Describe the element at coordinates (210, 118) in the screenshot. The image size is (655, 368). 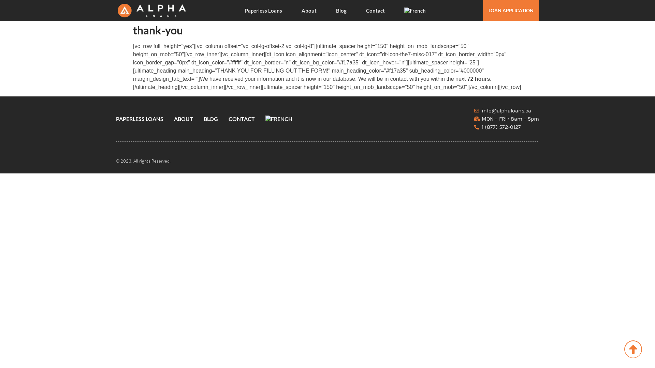
I see `'BLOG'` at that location.